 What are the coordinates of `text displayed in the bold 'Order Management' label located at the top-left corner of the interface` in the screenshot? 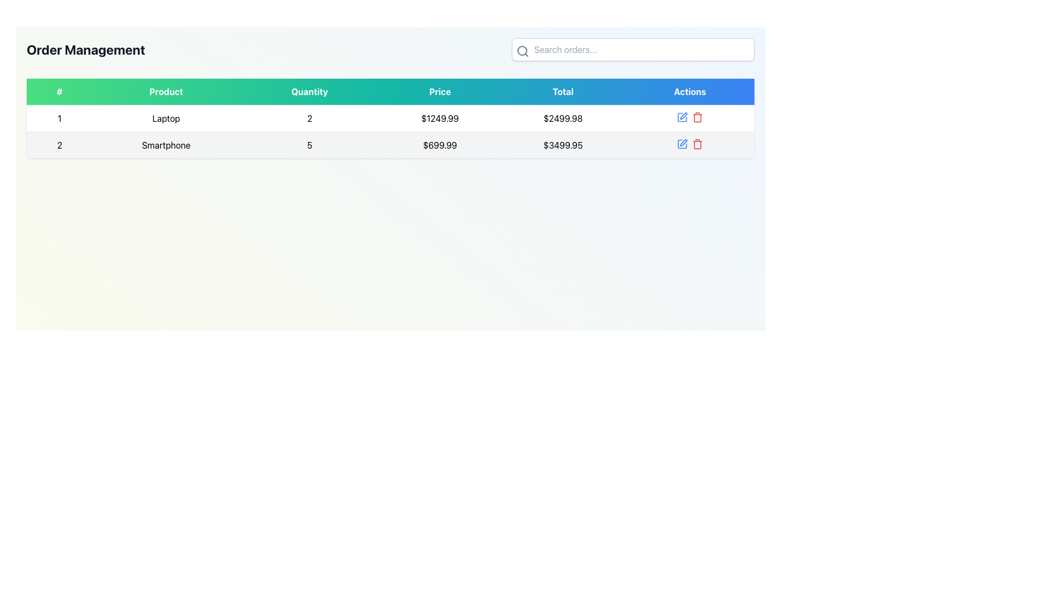 It's located at (85, 50).